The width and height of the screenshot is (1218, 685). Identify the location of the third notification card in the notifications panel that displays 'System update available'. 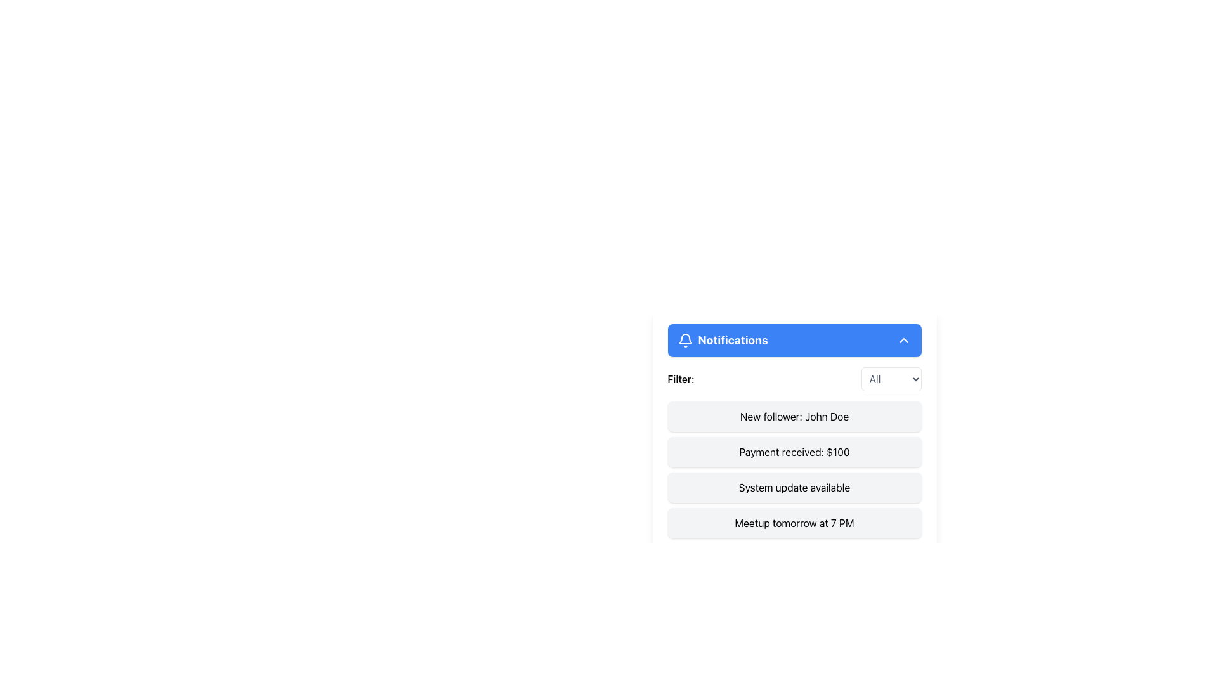
(794, 486).